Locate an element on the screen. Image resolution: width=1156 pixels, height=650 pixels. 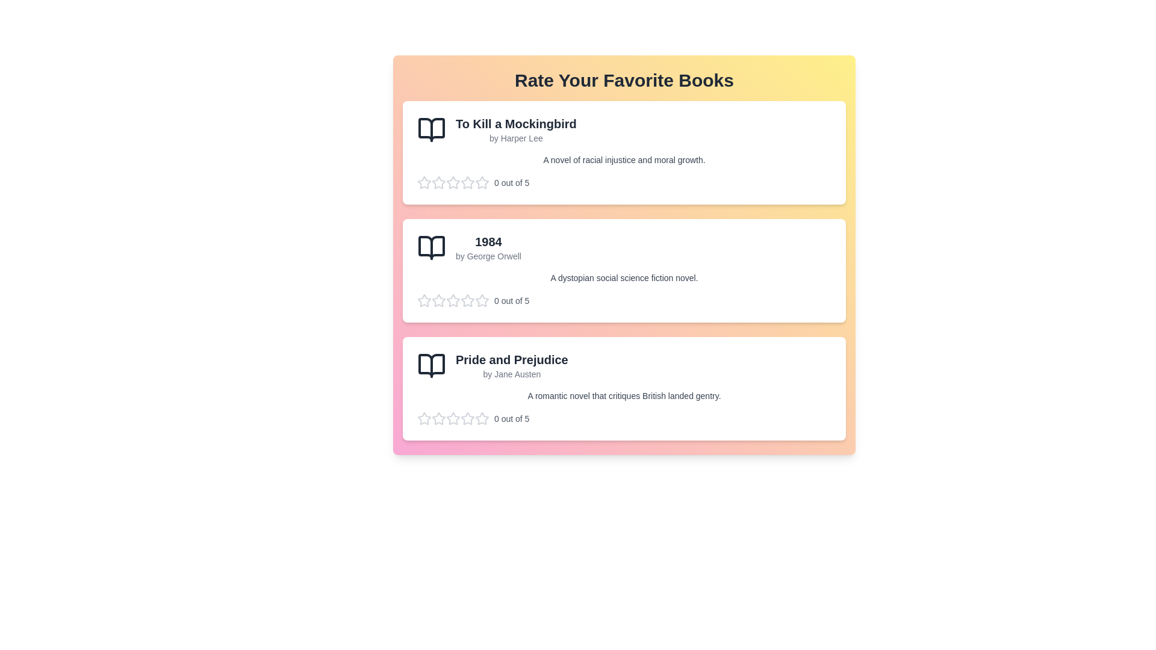
the first star icon in the rating system for the book '1984' by George Orwell to visually enlarge it is located at coordinates (424, 300).